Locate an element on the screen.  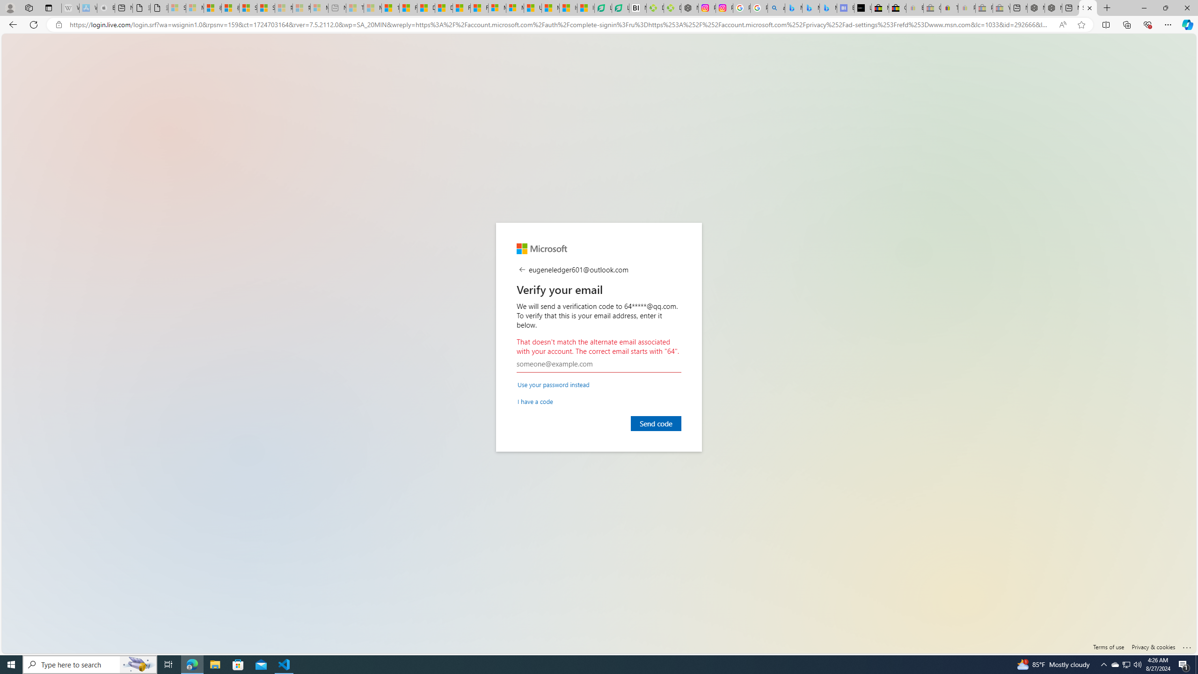
'Top Stories - MSN - Sleeping' is located at coordinates (355, 7).